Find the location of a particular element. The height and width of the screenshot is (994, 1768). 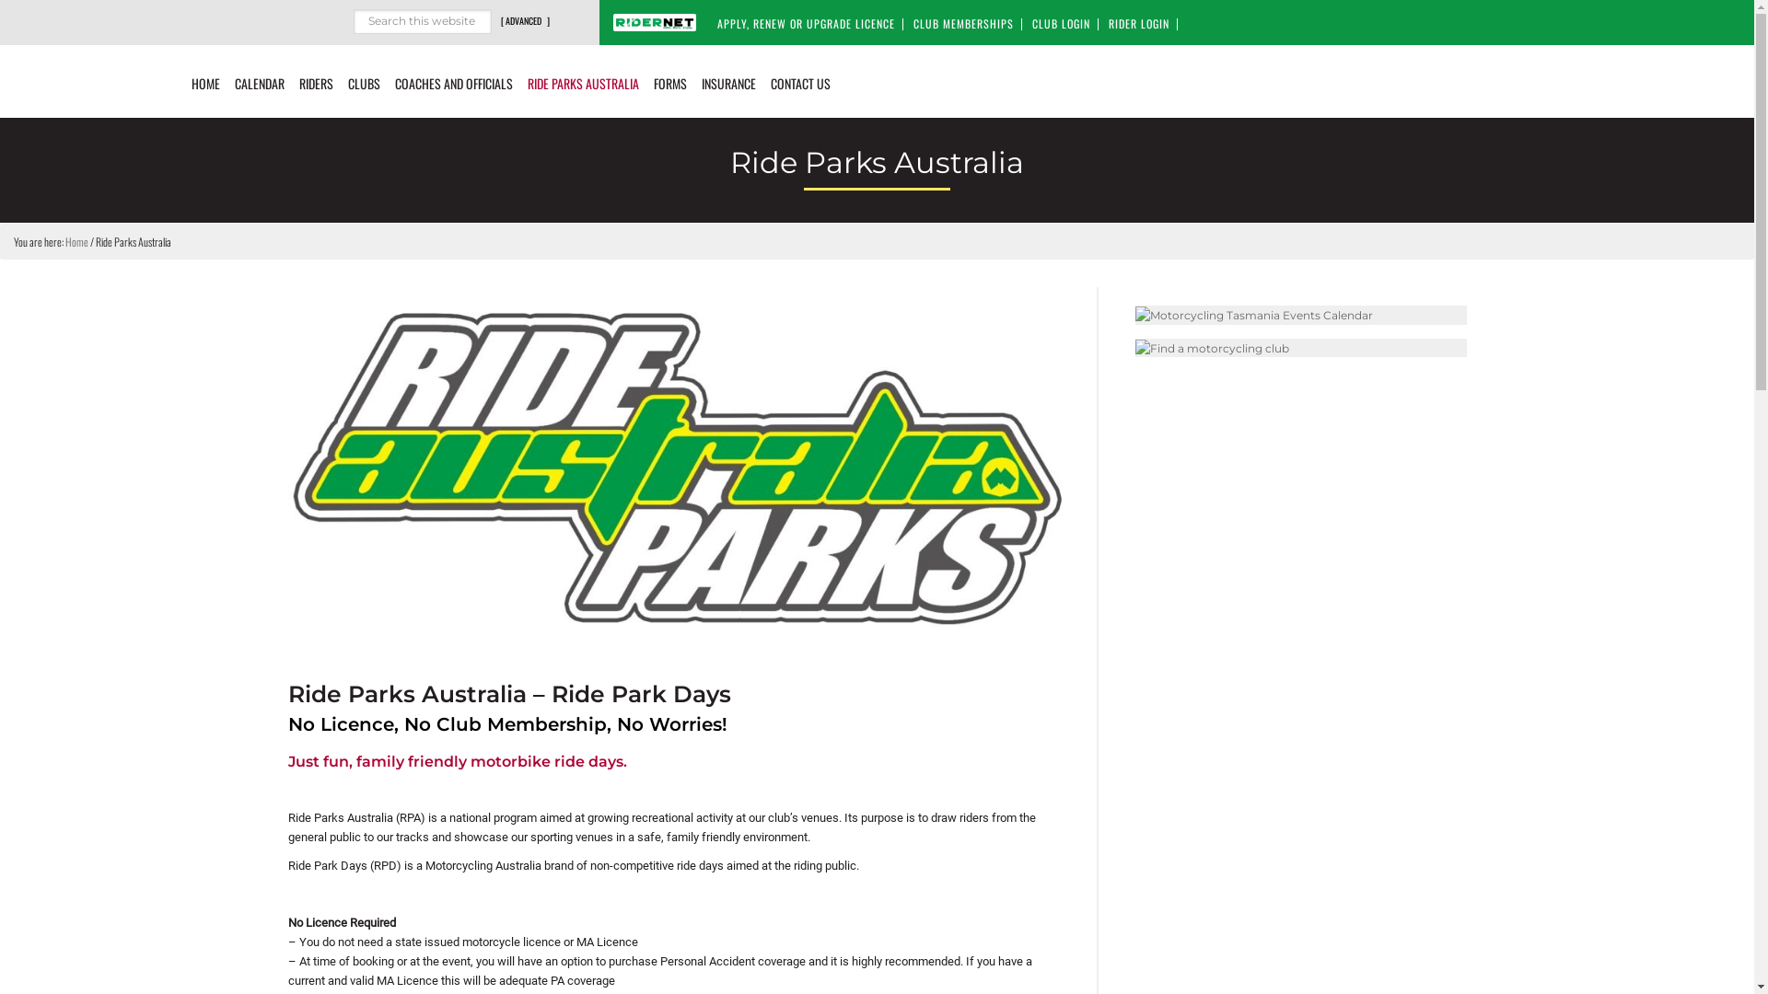

'Skip to primary navigation' is located at coordinates (0, 0).